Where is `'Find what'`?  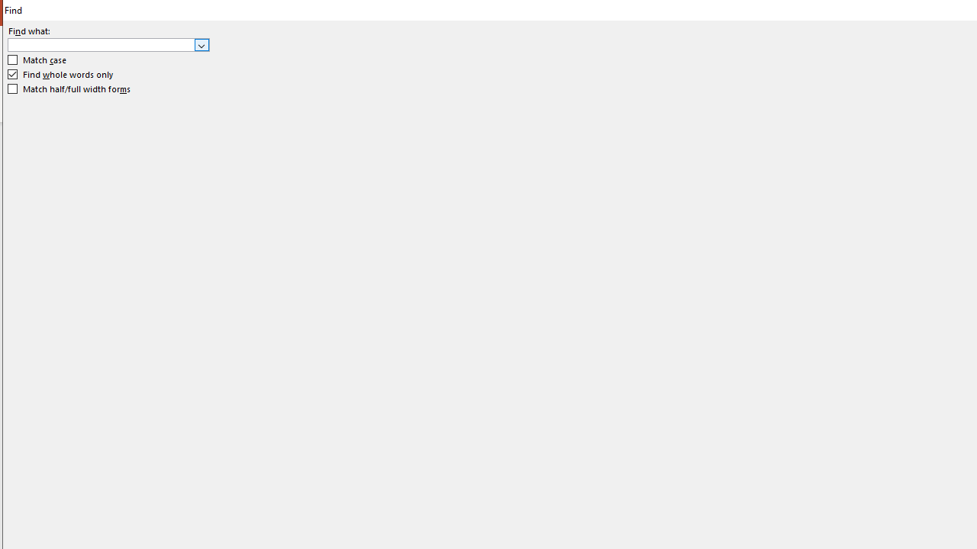 'Find what' is located at coordinates (101, 44).